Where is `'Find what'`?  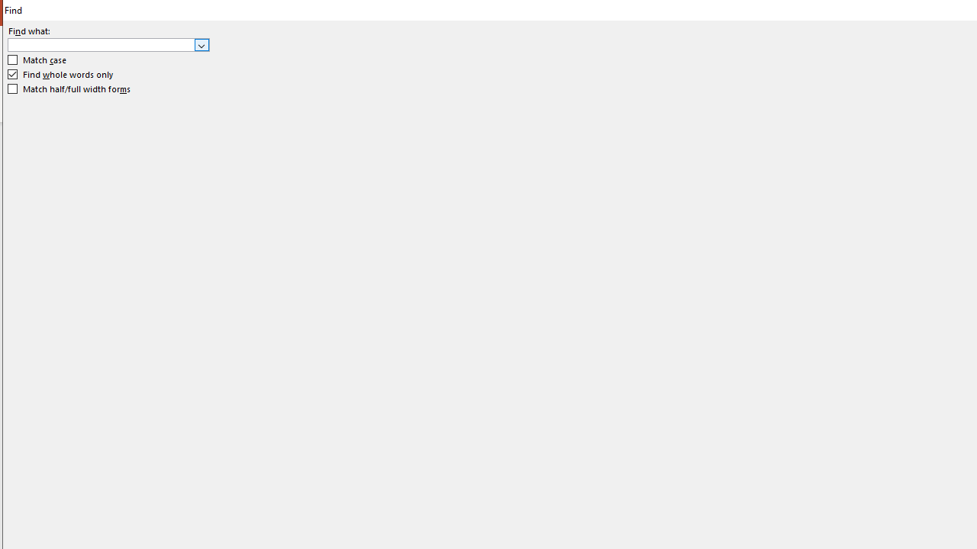 'Find what' is located at coordinates (101, 44).